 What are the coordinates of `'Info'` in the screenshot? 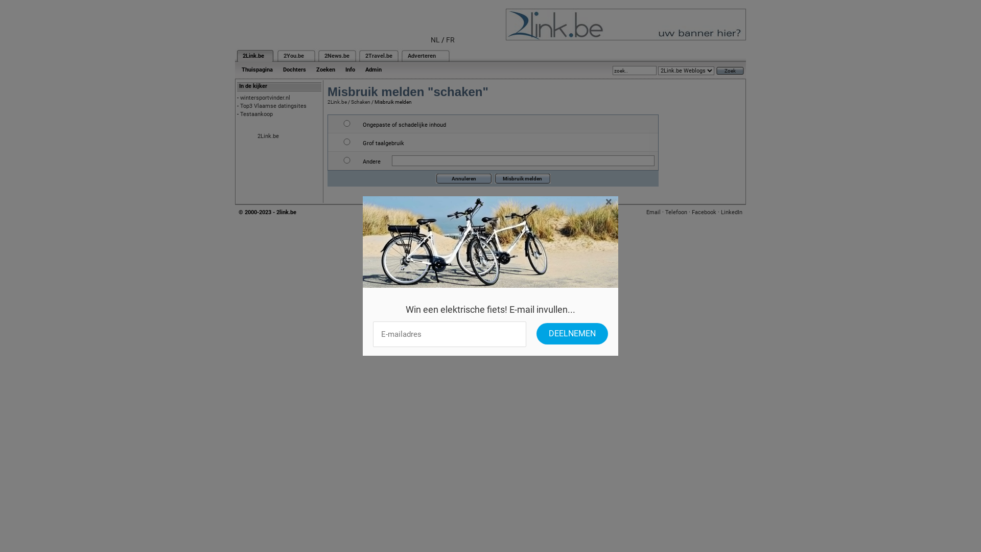 It's located at (350, 69).